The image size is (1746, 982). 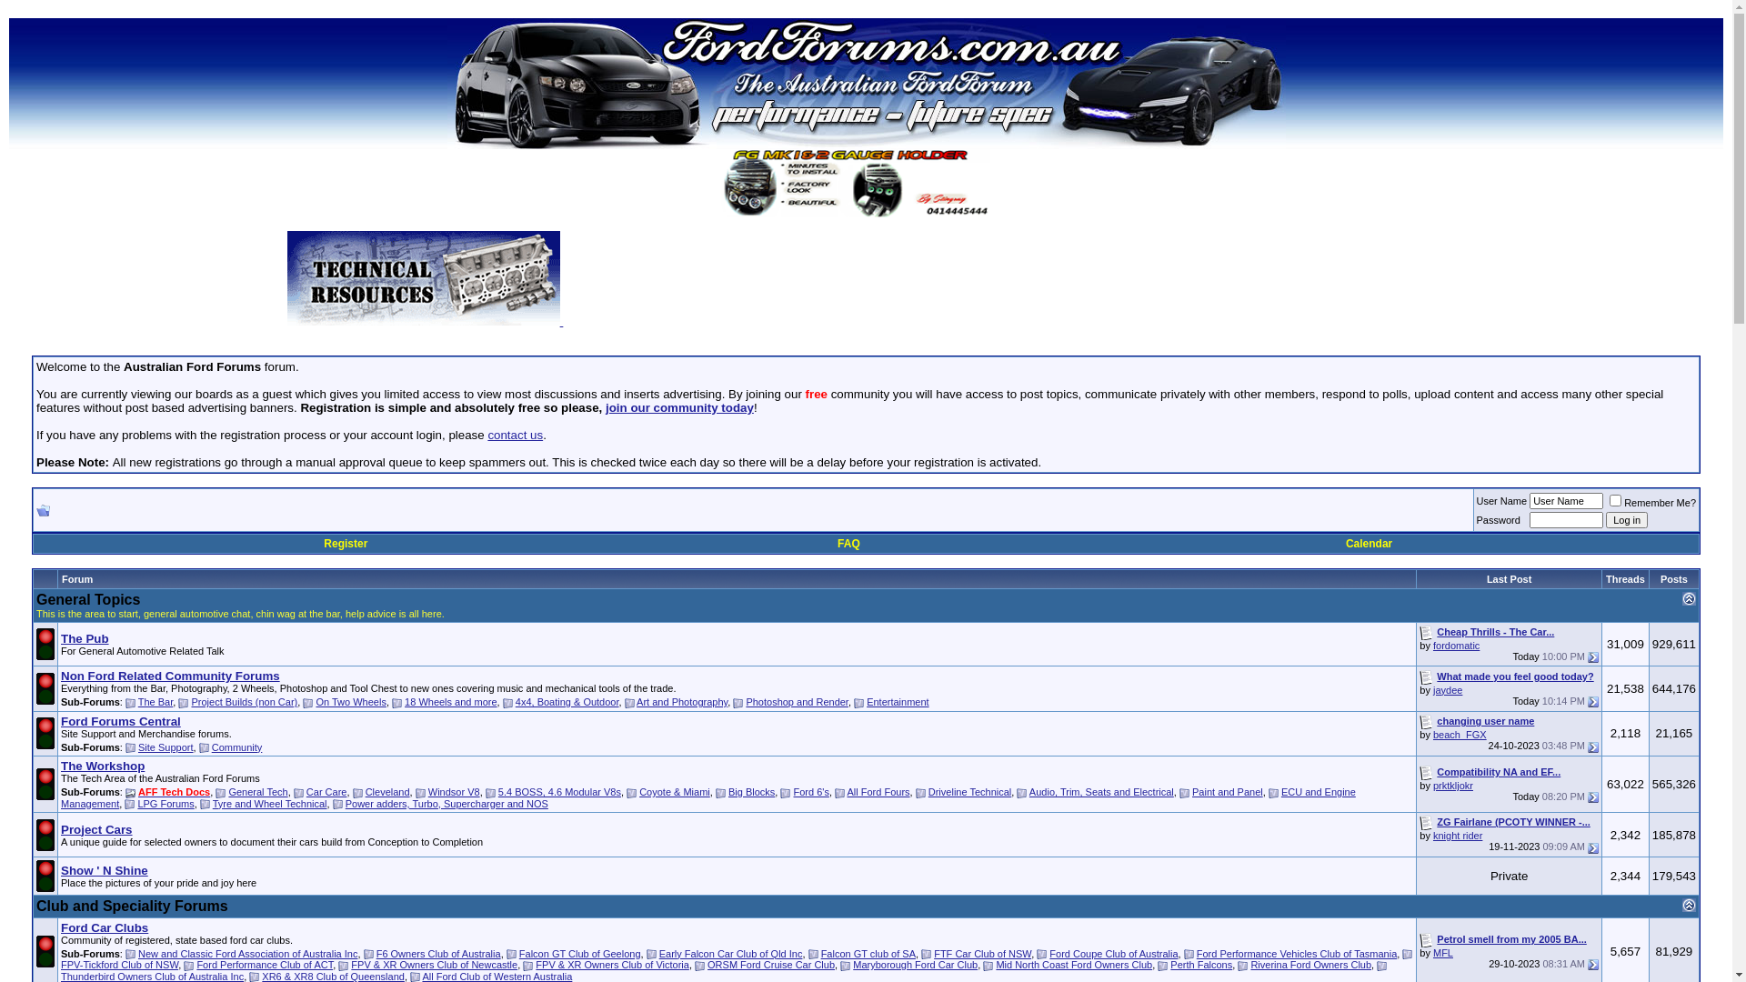 I want to click on 'changing user name', so click(x=1435, y=720).